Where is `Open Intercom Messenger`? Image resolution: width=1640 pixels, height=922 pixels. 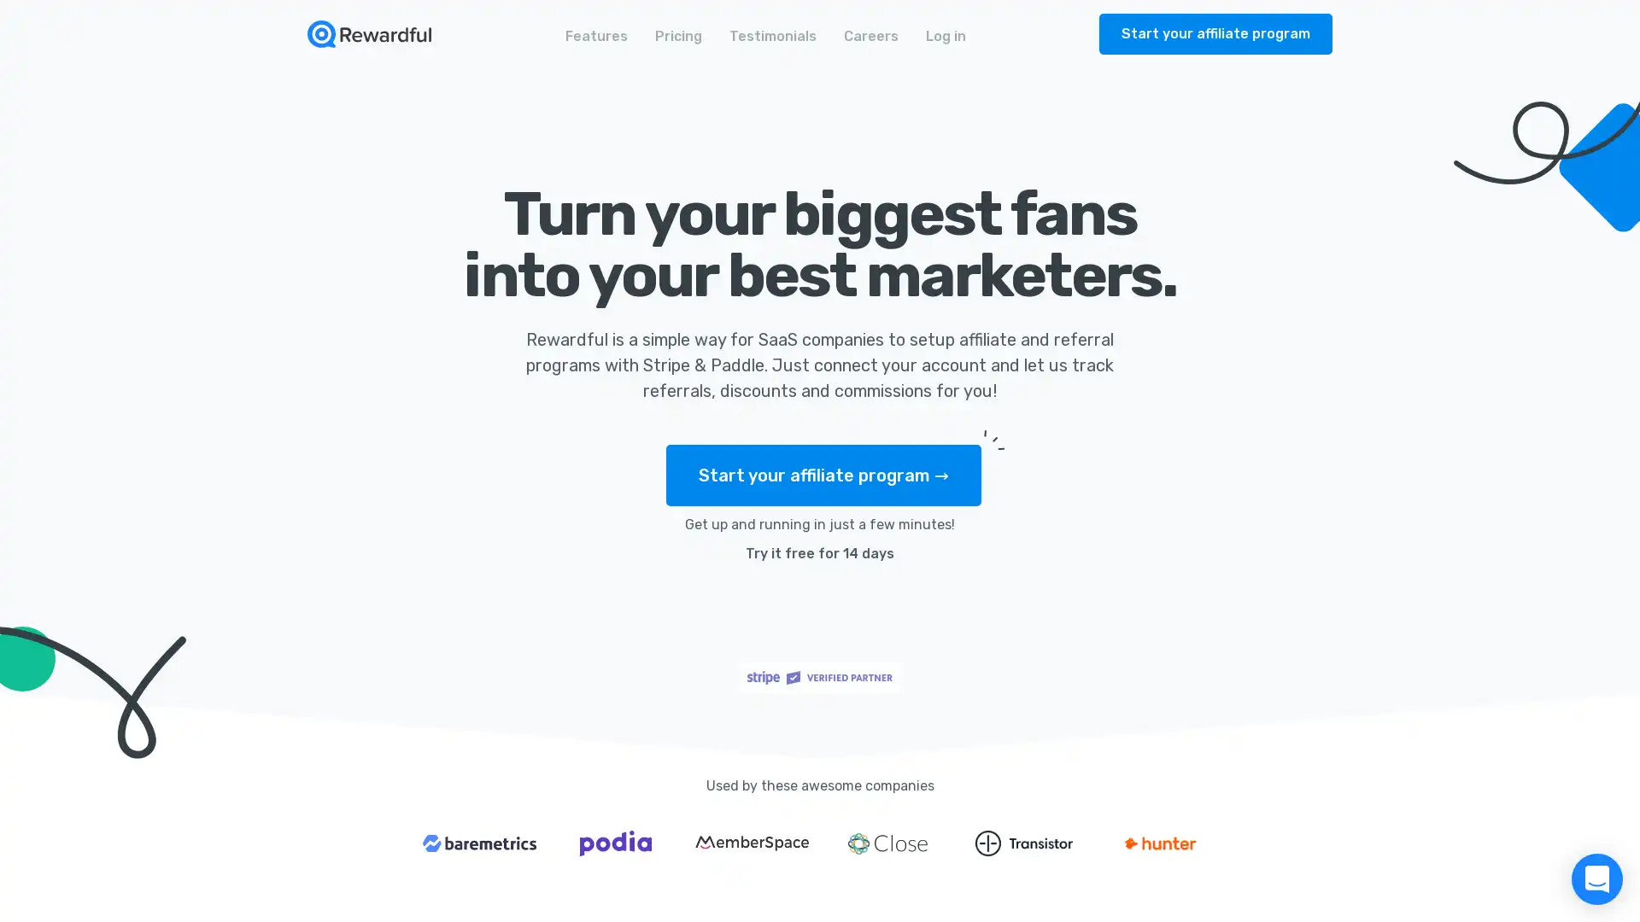
Open Intercom Messenger is located at coordinates (1596, 878).